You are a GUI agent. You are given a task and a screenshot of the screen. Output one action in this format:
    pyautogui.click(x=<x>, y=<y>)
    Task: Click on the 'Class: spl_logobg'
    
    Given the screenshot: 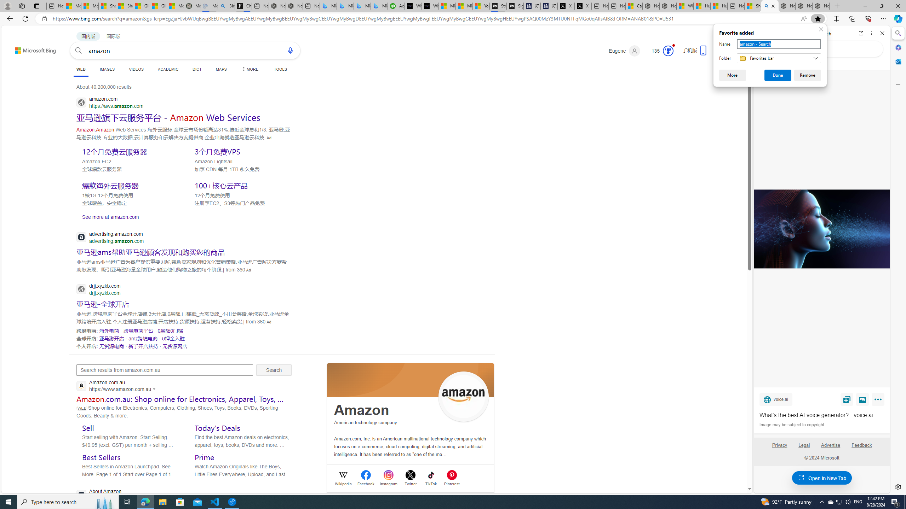 What is the action you would take?
    pyautogui.click(x=410, y=380)
    